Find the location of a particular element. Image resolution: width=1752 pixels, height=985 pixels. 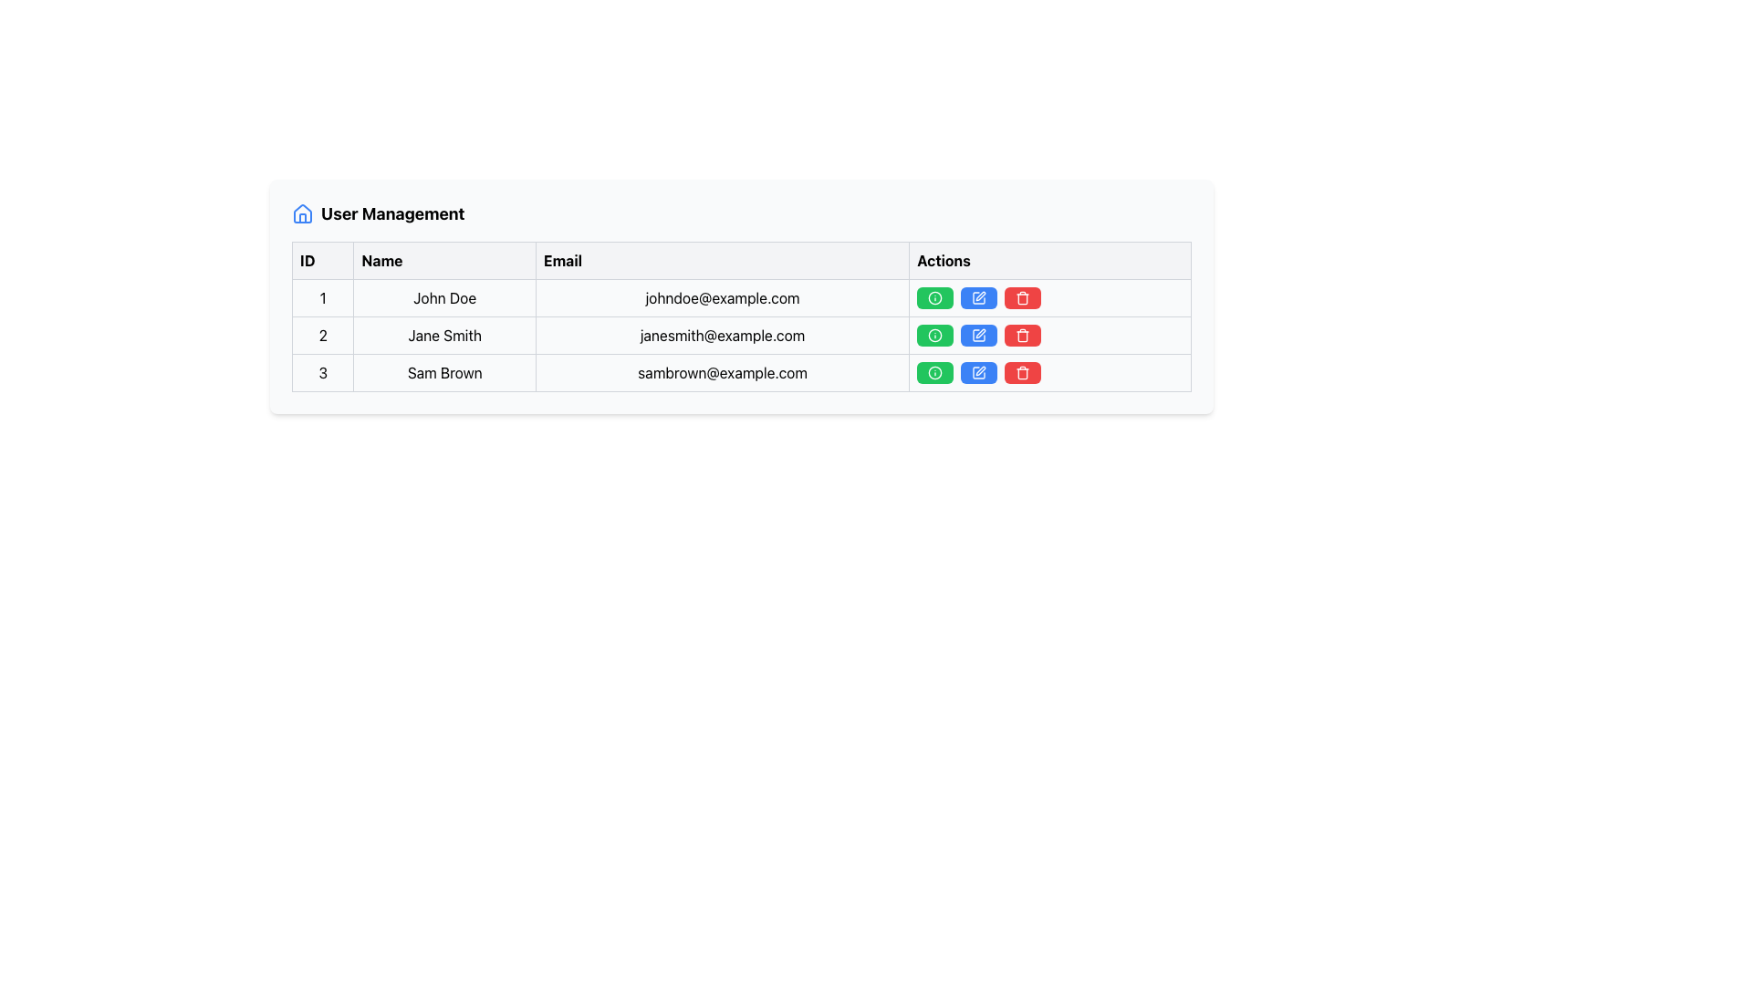

the green circular button with an information icon located in the second row of the 'Actions' column, adjacent to the email 'janesmith@example.com' is located at coordinates (935, 335).